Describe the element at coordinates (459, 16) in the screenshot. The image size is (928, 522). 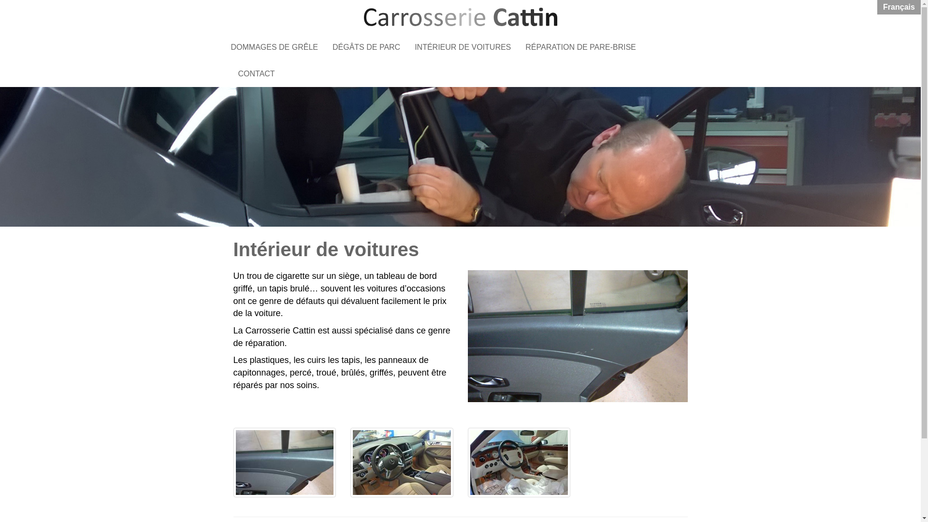
I see `'[Header:ApplicationName]'` at that location.